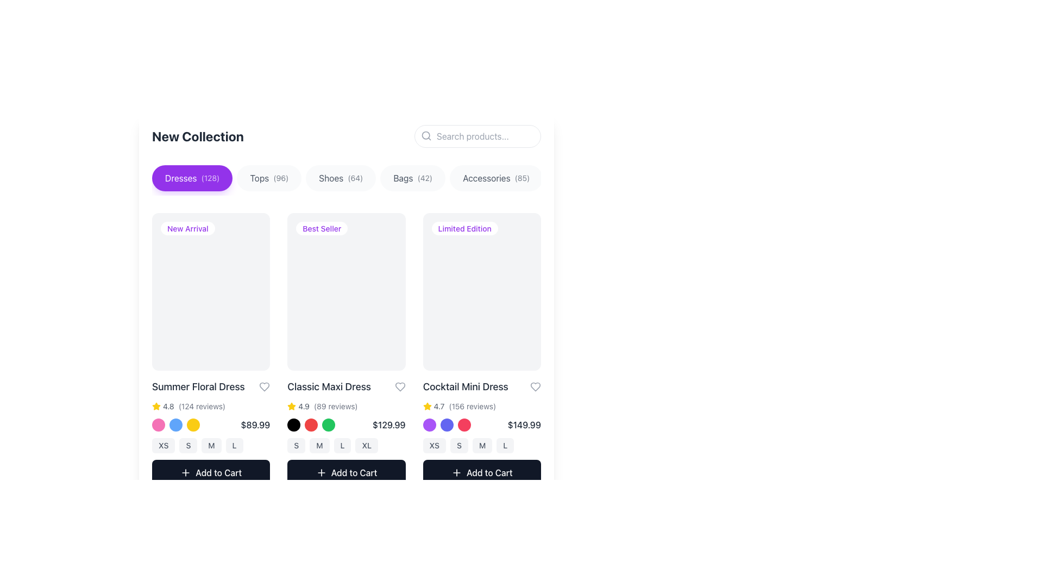  I want to click on the 'M' size selection button, which is the third button in the row of size-selection buttons for the 'Cocktail Mini Dress', so click(482, 445).